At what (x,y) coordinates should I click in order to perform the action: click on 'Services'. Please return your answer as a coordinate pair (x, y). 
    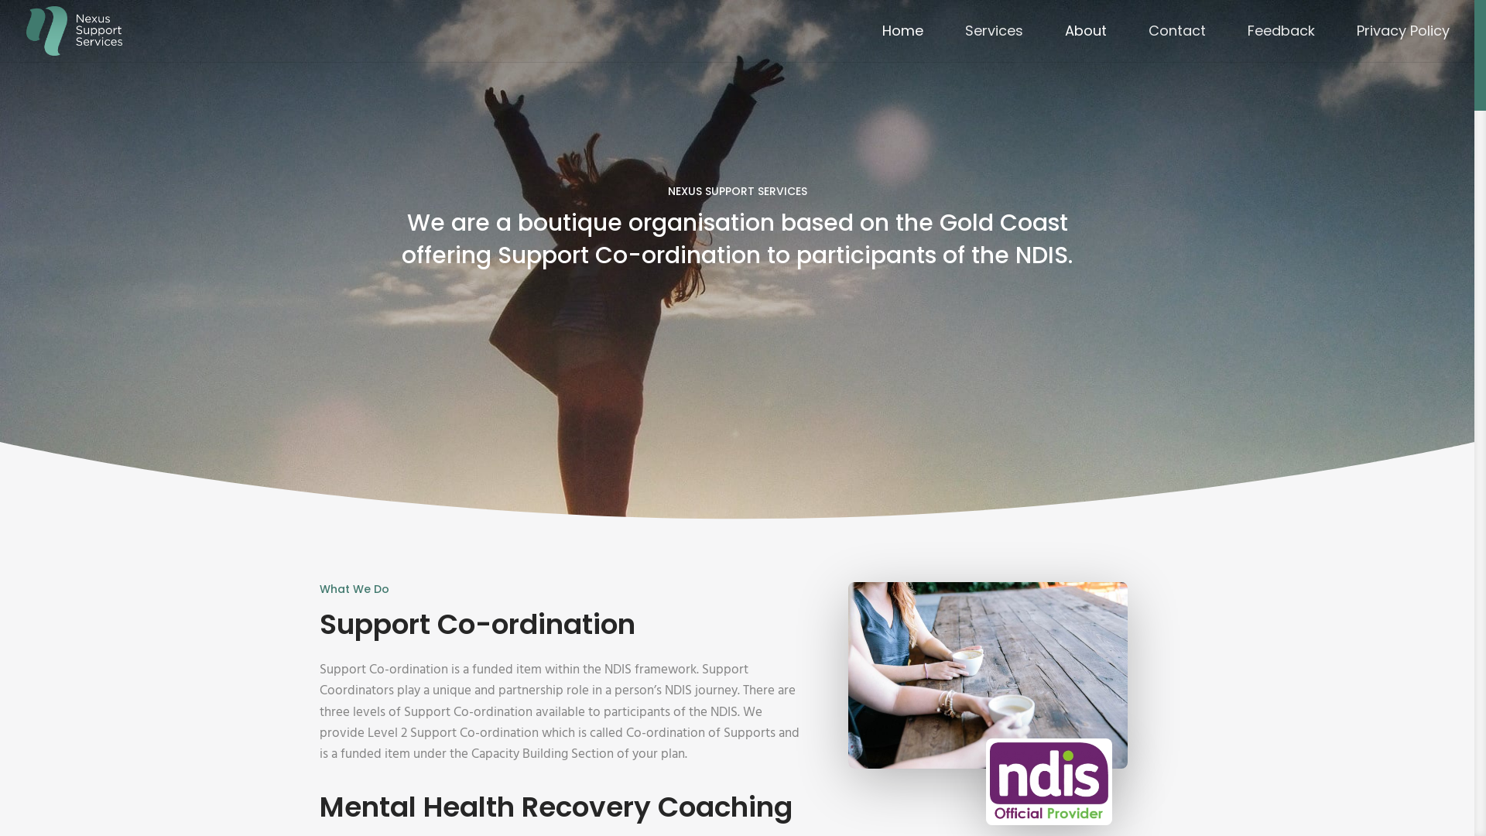
    Looking at the image, I should click on (964, 43).